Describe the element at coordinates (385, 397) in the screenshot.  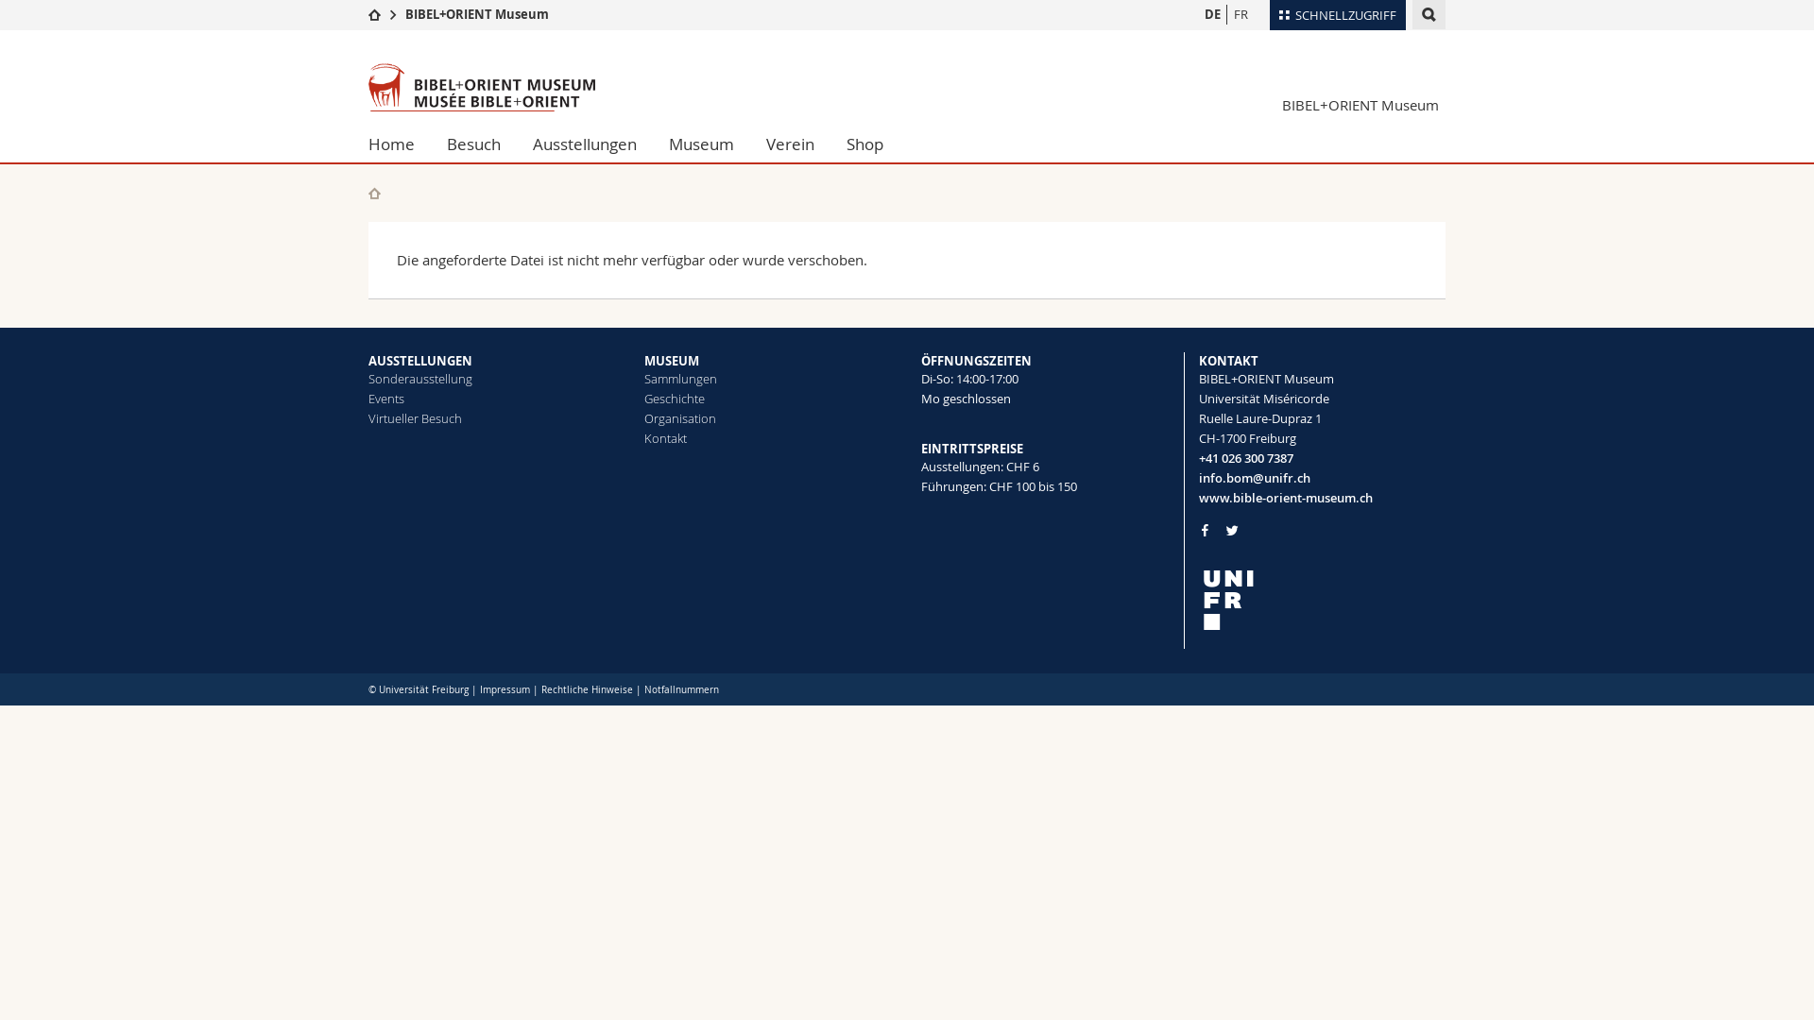
I see `'Events'` at that location.